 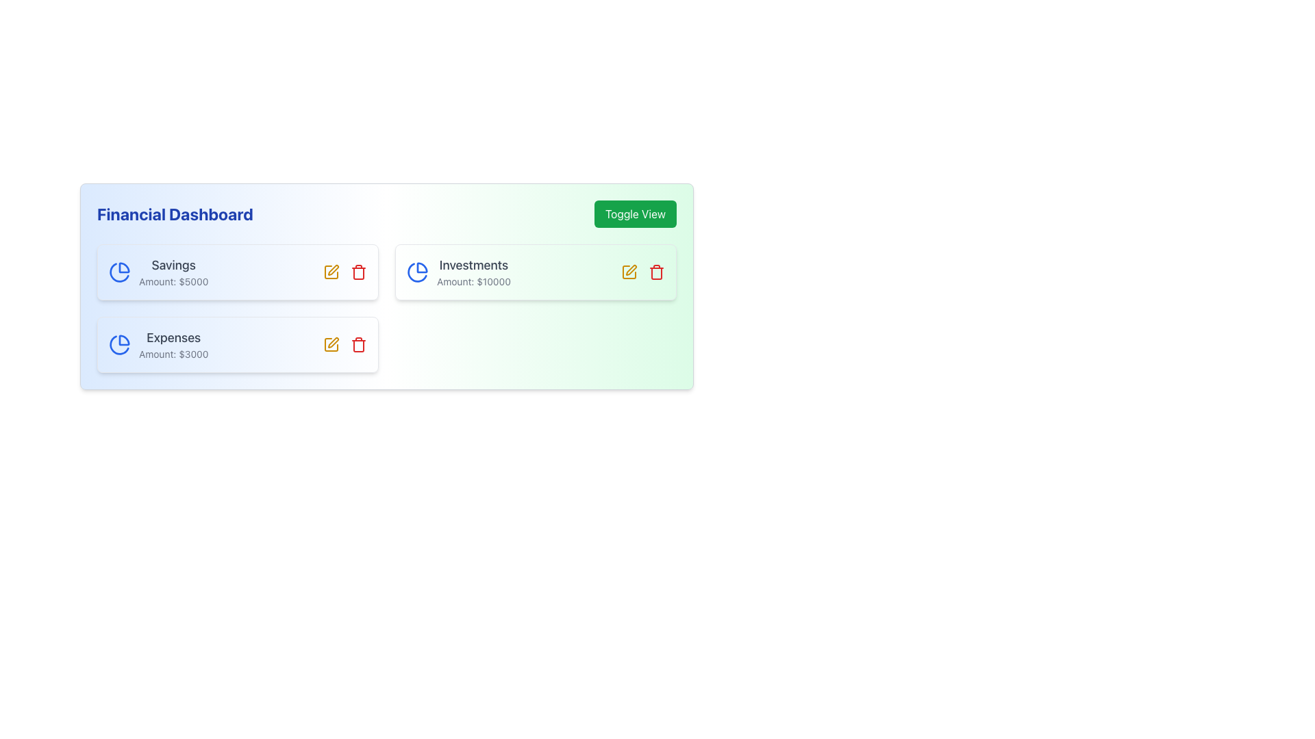 I want to click on the pie chart icon representing financial visualization for 'Expenses', located in the top-left corner of the second card on the Financial Dashboard, so click(x=124, y=339).